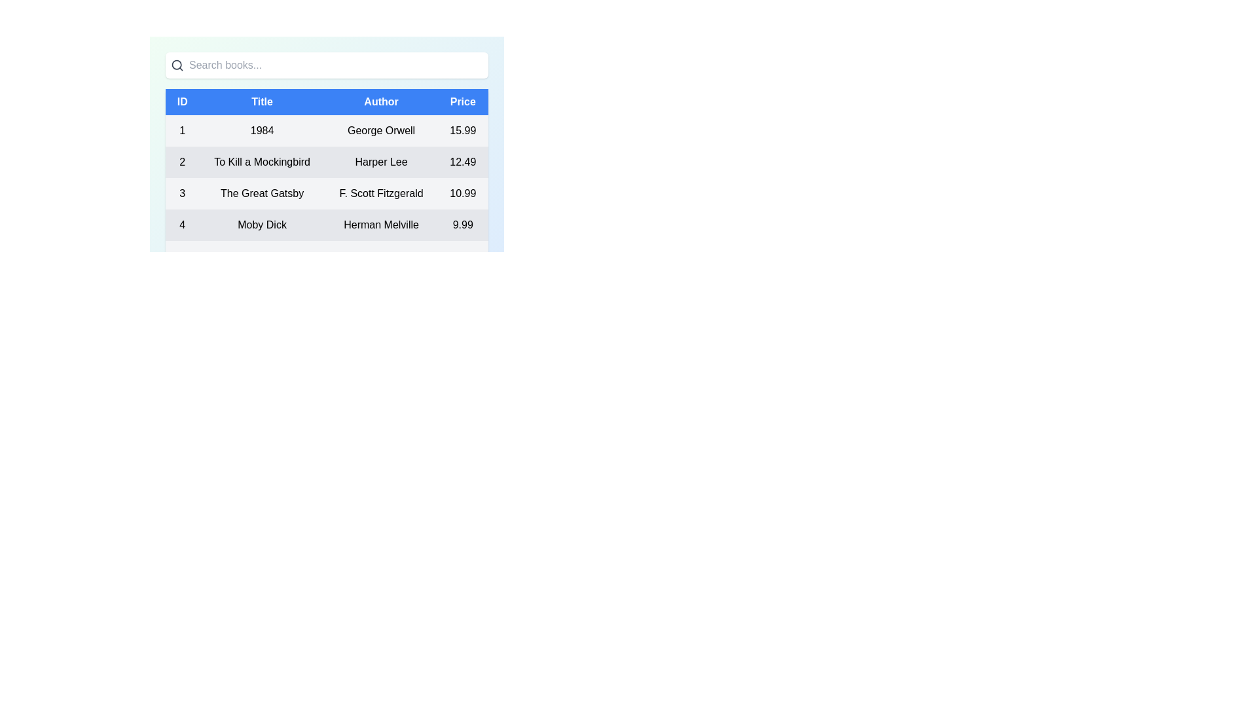 Image resolution: width=1257 pixels, height=707 pixels. What do you see at coordinates (380, 161) in the screenshot?
I see `the text label displaying 'Harper Lee' in the Author column of the second row of the table` at bounding box center [380, 161].